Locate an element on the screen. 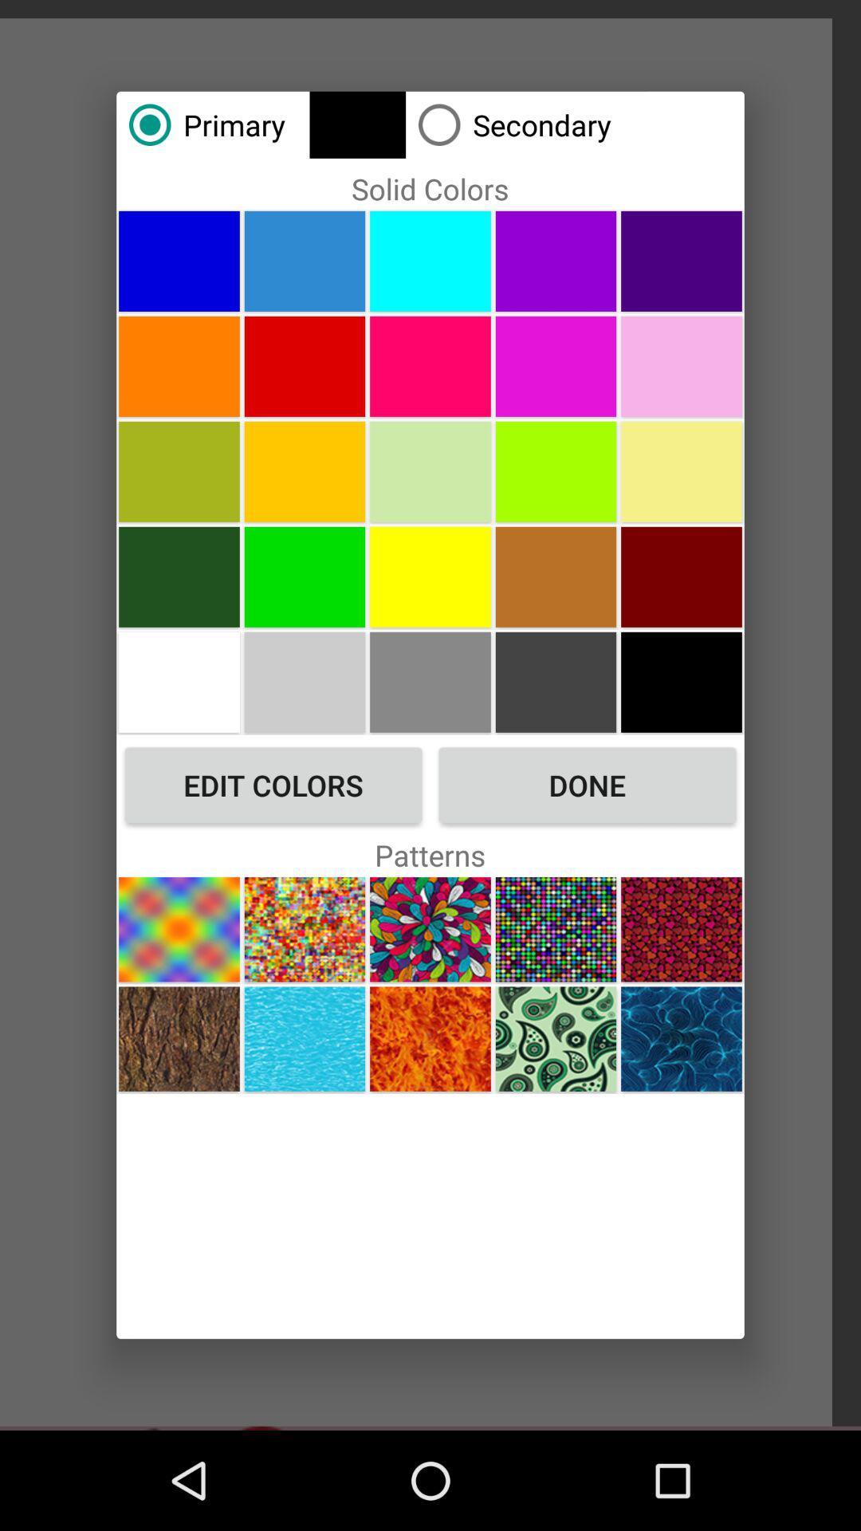  the button at the bottom right corner is located at coordinates (682, 1039).